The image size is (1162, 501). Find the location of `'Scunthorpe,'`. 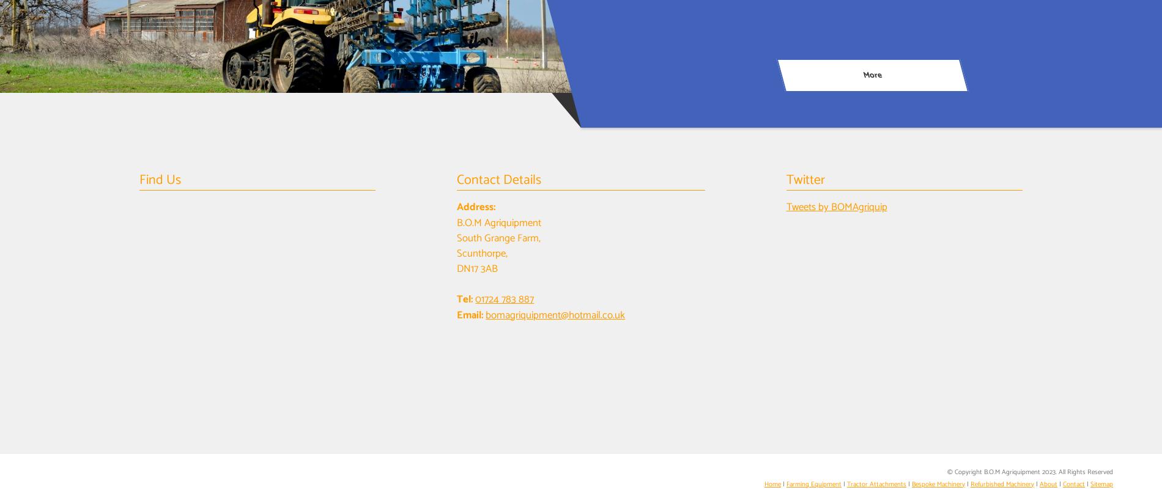

'Scunthorpe,' is located at coordinates (481, 252).